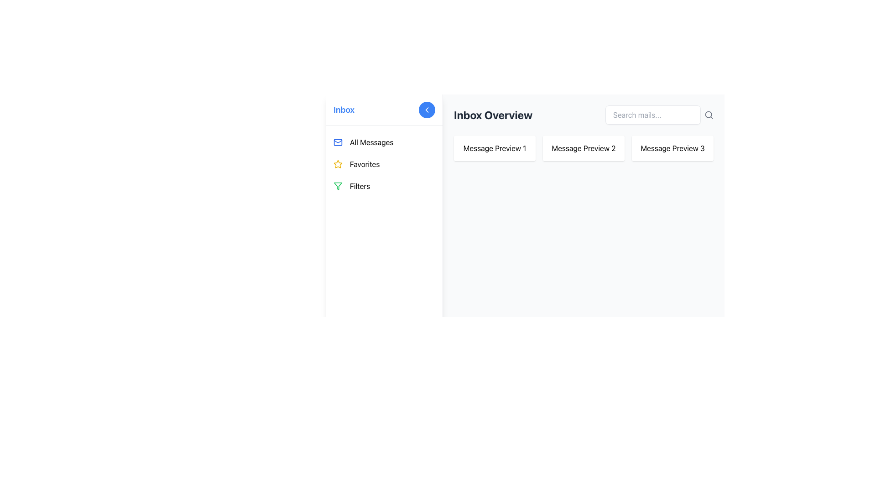  Describe the element at coordinates (337, 186) in the screenshot. I see `the green filter icon located in the vertical navigation menu aligned with the 'Filters' label` at that location.